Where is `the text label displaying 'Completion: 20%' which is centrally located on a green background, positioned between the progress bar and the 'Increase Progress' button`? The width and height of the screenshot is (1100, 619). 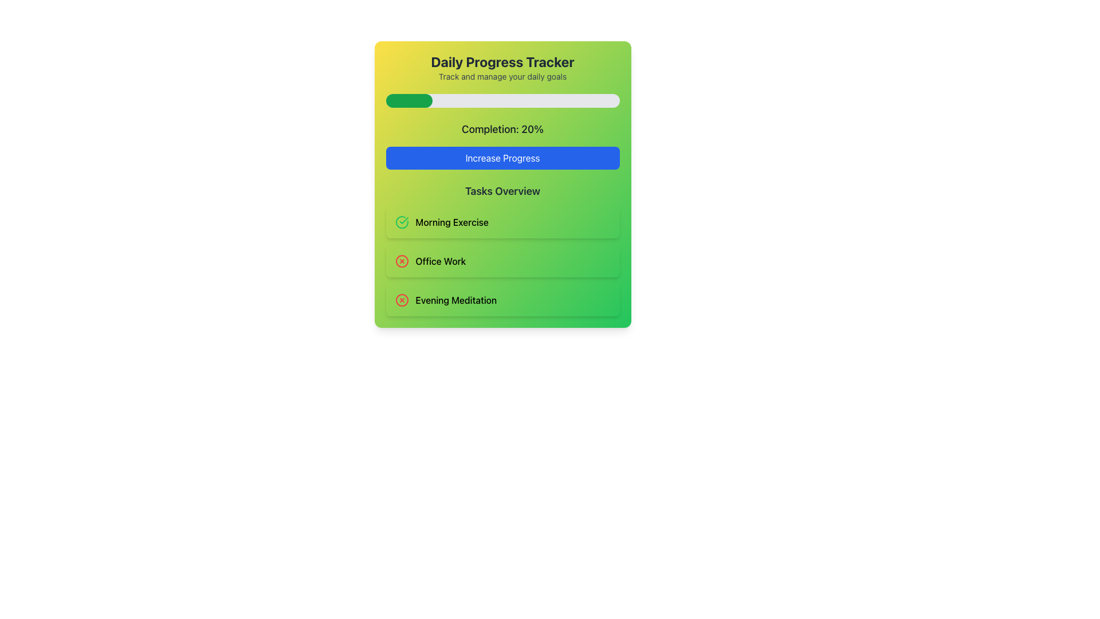
the text label displaying 'Completion: 20%' which is centrally located on a green background, positioned between the progress bar and the 'Increase Progress' button is located at coordinates (502, 129).